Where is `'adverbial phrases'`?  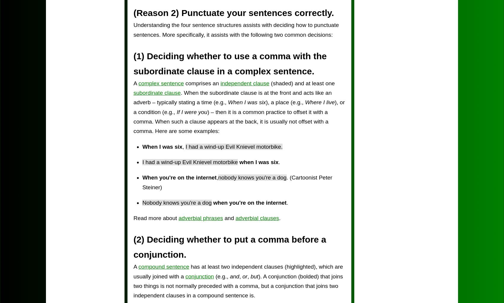
'adverbial phrases' is located at coordinates (200, 218).